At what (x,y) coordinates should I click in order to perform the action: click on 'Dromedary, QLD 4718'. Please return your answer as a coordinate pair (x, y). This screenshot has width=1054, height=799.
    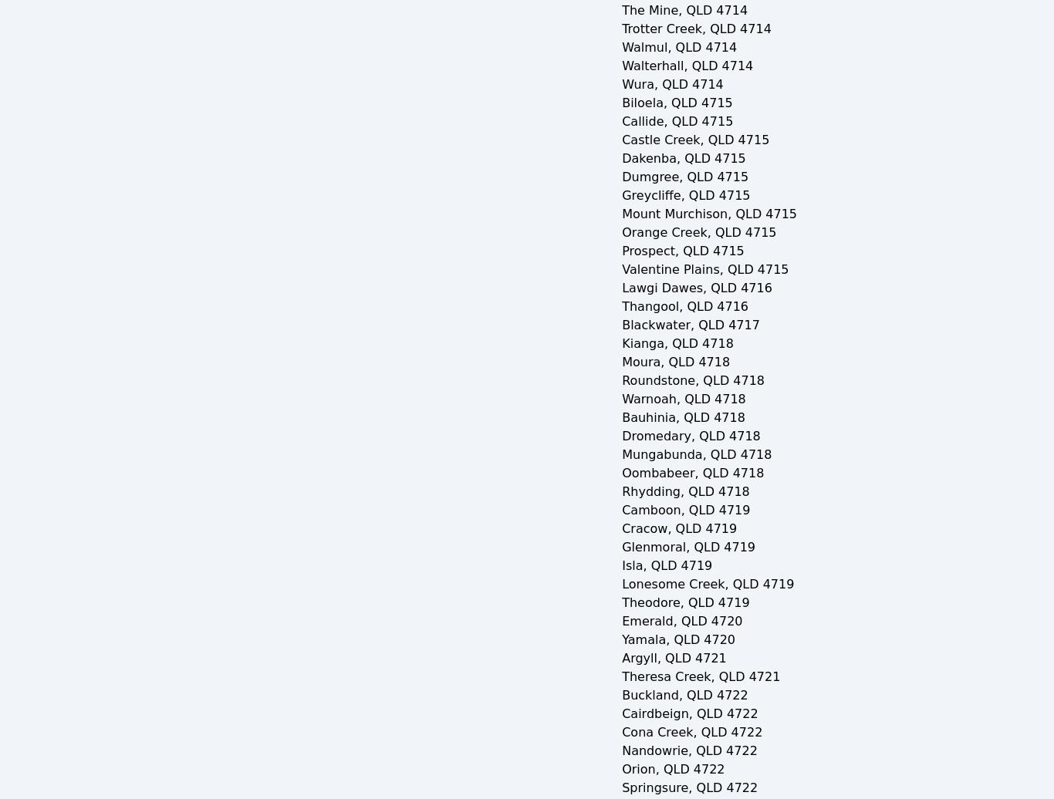
    Looking at the image, I should click on (620, 436).